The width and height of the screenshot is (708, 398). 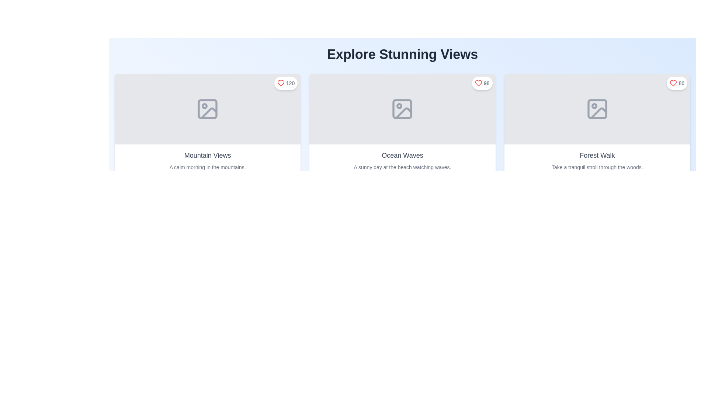 What do you see at coordinates (402, 54) in the screenshot?
I see `the bold text displaying 'Explore Stunning Views' that is centered and aligned within a light blue background header section` at bounding box center [402, 54].